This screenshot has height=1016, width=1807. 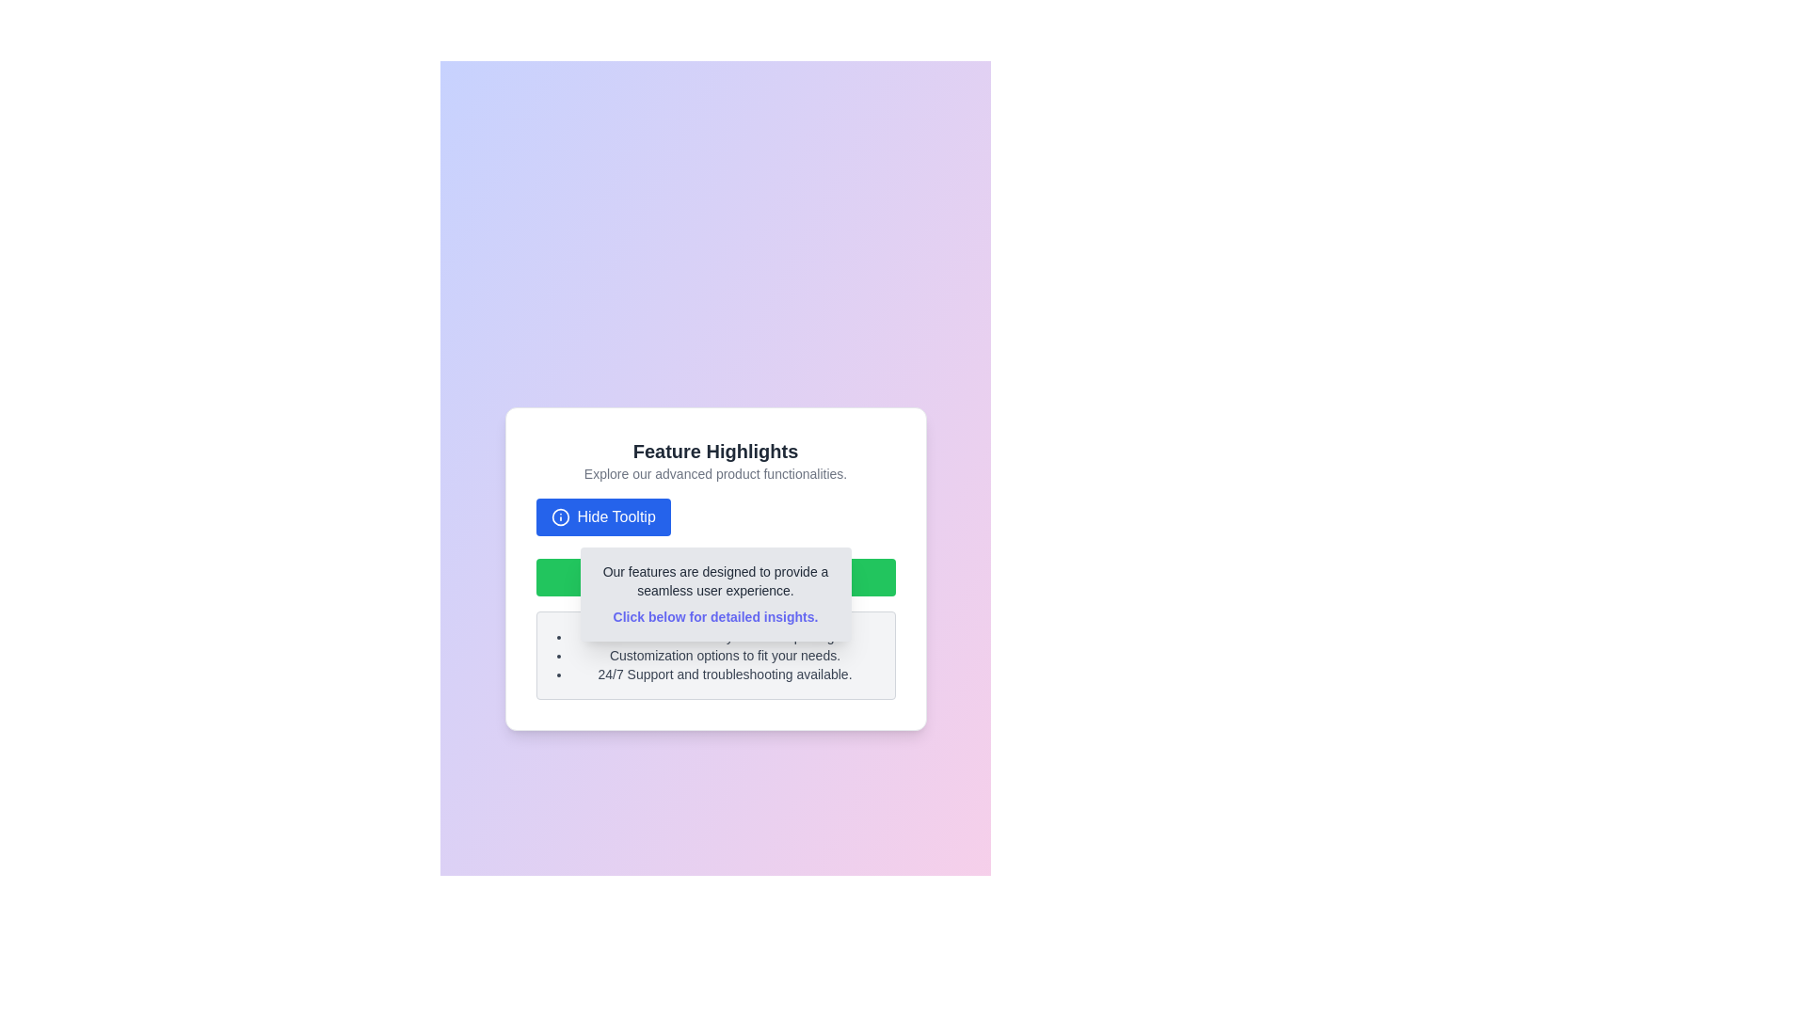 I want to click on informational text block located immediately below the 'Feature Highlights' title, which serves to describe the contents or importance of the section, so click(x=714, y=473).